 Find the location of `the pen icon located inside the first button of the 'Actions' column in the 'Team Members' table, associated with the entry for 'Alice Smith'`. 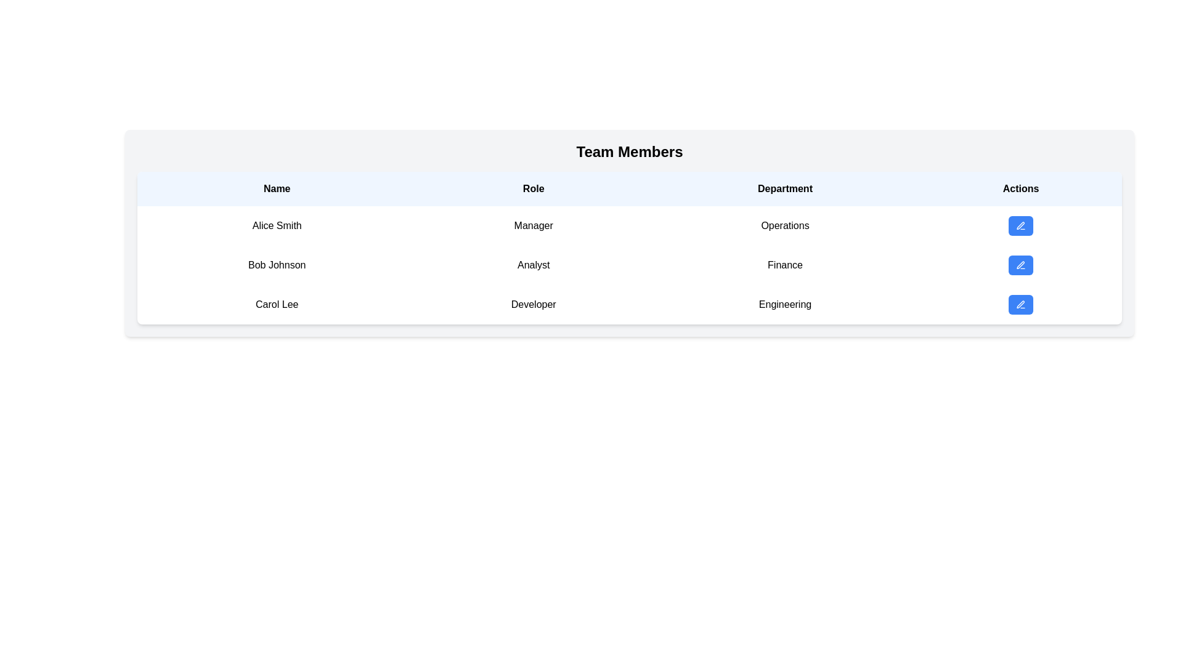

the pen icon located inside the first button of the 'Actions' column in the 'Team Members' table, associated with the entry for 'Alice Smith' is located at coordinates (1020, 225).